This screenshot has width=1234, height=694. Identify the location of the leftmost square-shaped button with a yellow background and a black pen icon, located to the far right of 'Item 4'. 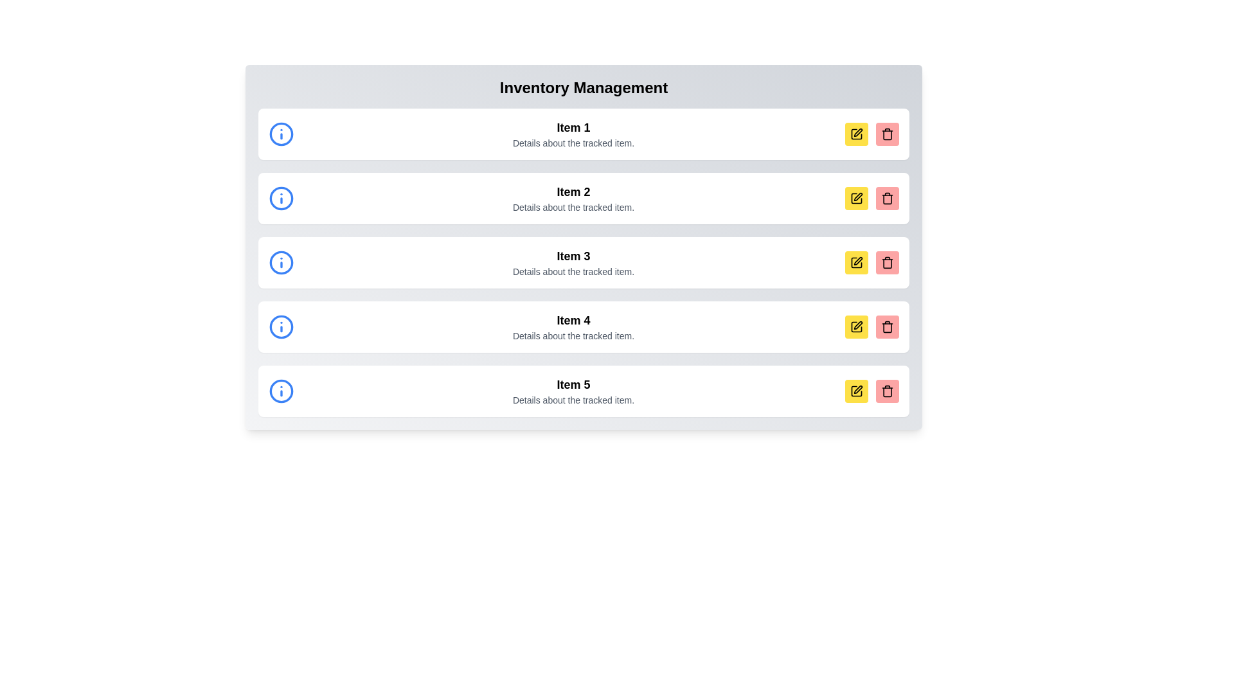
(857, 326).